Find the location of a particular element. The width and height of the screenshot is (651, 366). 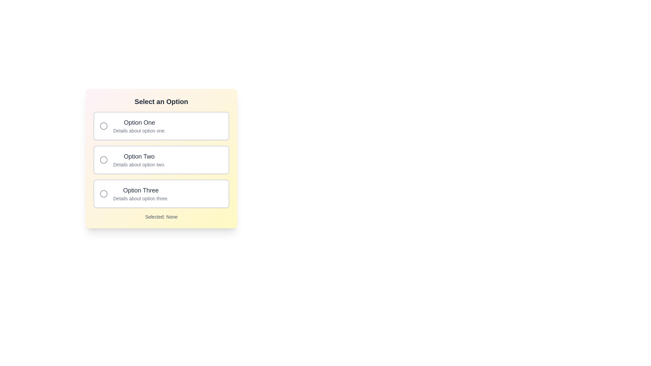

the text label that provides the title and description for the third selectable option in a stacked list of options to trigger additional visual effects is located at coordinates (140, 194).